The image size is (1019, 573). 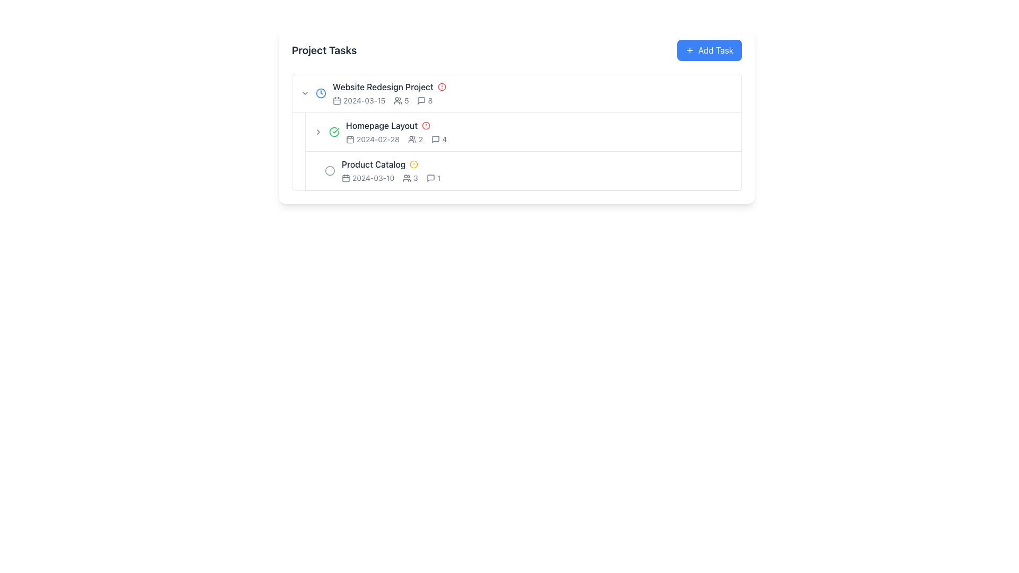 What do you see at coordinates (534, 93) in the screenshot?
I see `Text display area that shows details about the first project task, positioned at the top-left of the task list, by clicking on it` at bounding box center [534, 93].